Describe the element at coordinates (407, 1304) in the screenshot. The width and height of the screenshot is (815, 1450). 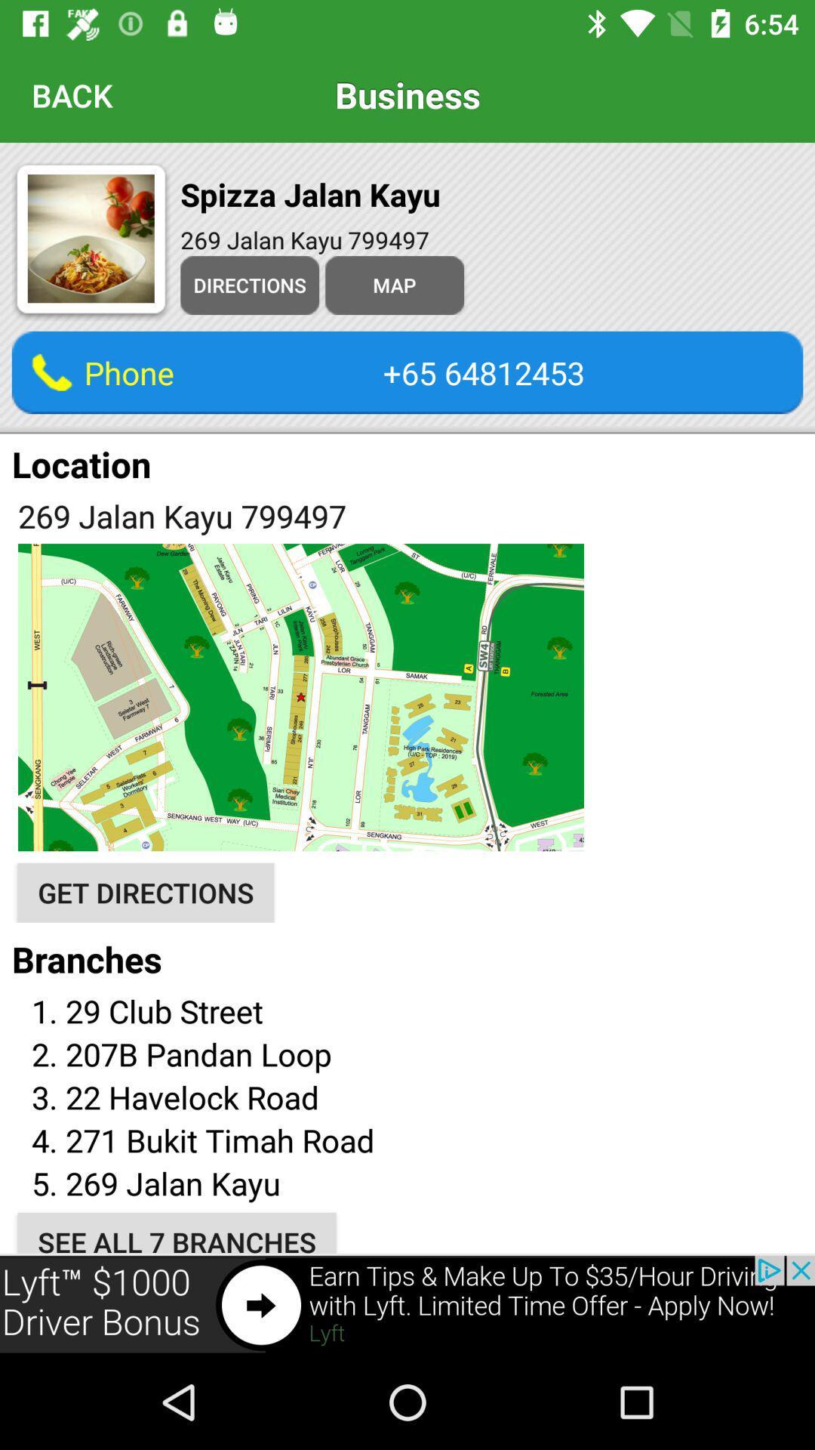
I see `advertisement about lyft` at that location.